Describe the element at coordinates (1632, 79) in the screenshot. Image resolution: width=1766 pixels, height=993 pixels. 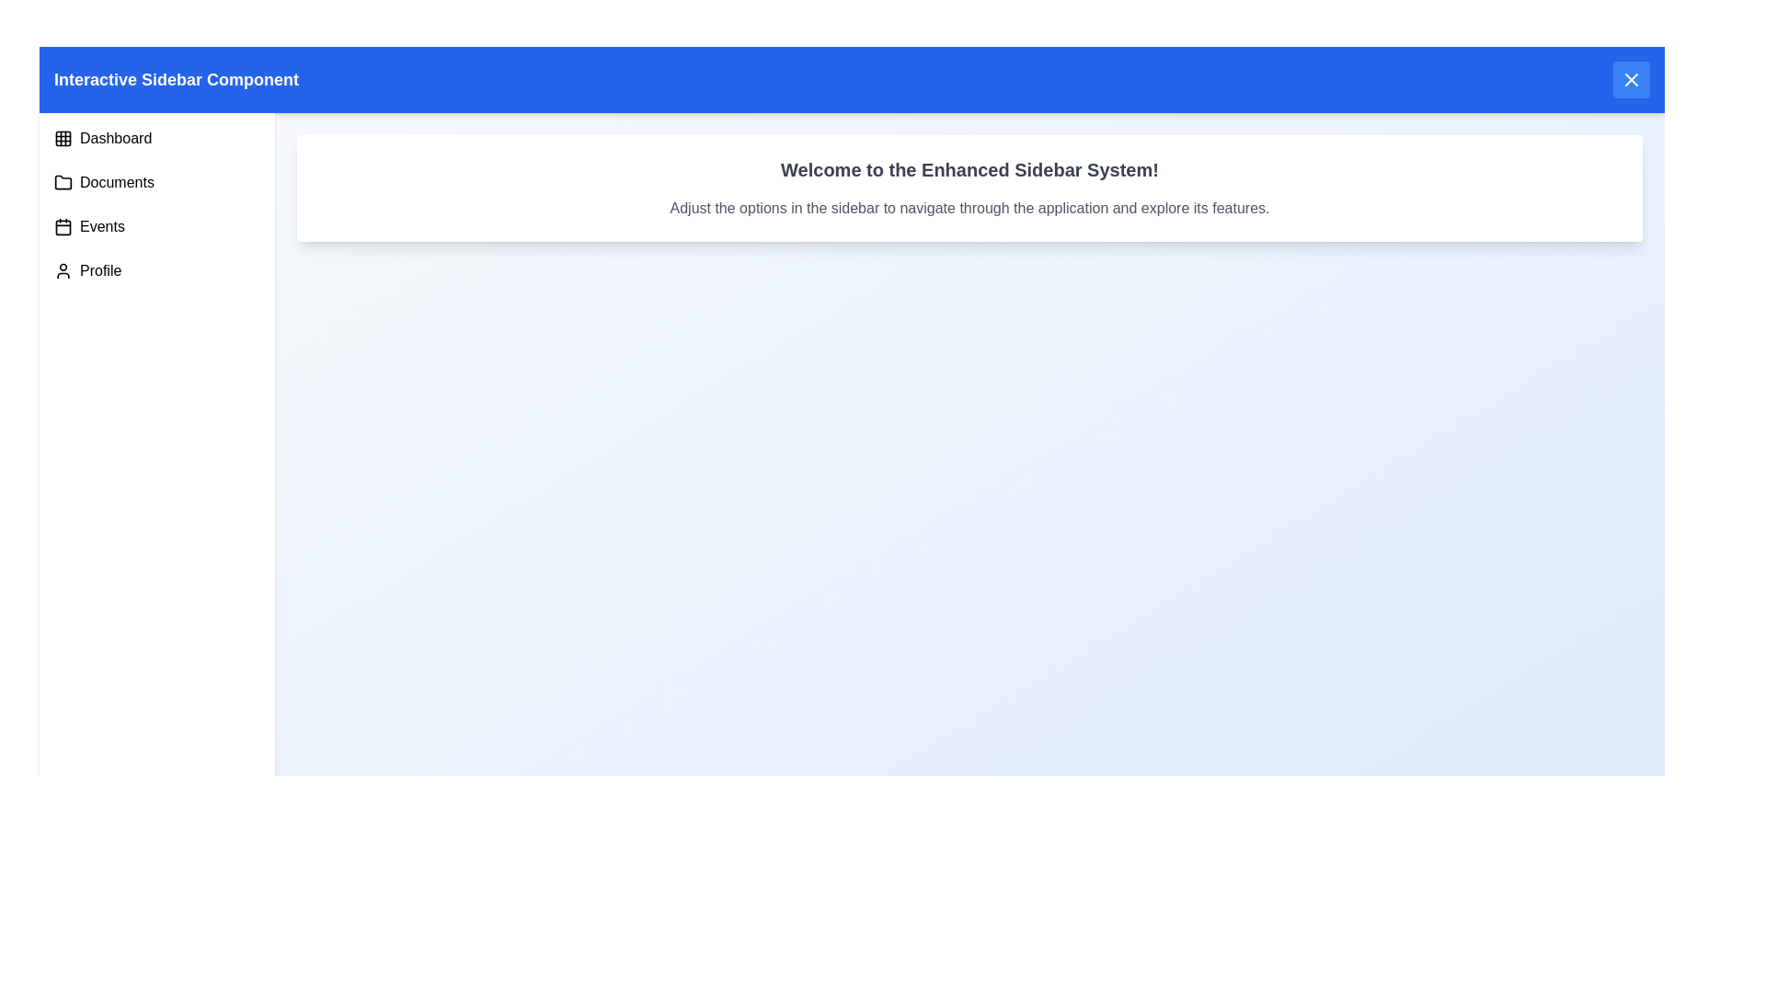
I see `the close button located in the top-right corner of the blue header area labeled 'Interactive Sidebar Component'` at that location.